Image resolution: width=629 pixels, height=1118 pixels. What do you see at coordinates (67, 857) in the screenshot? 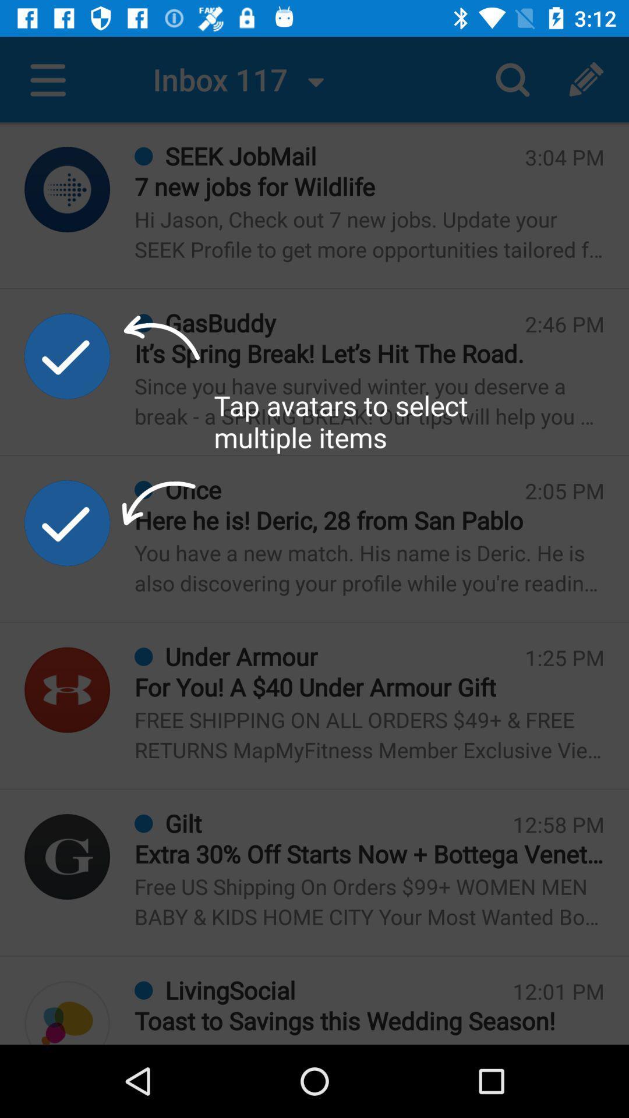
I see `one` at bounding box center [67, 857].